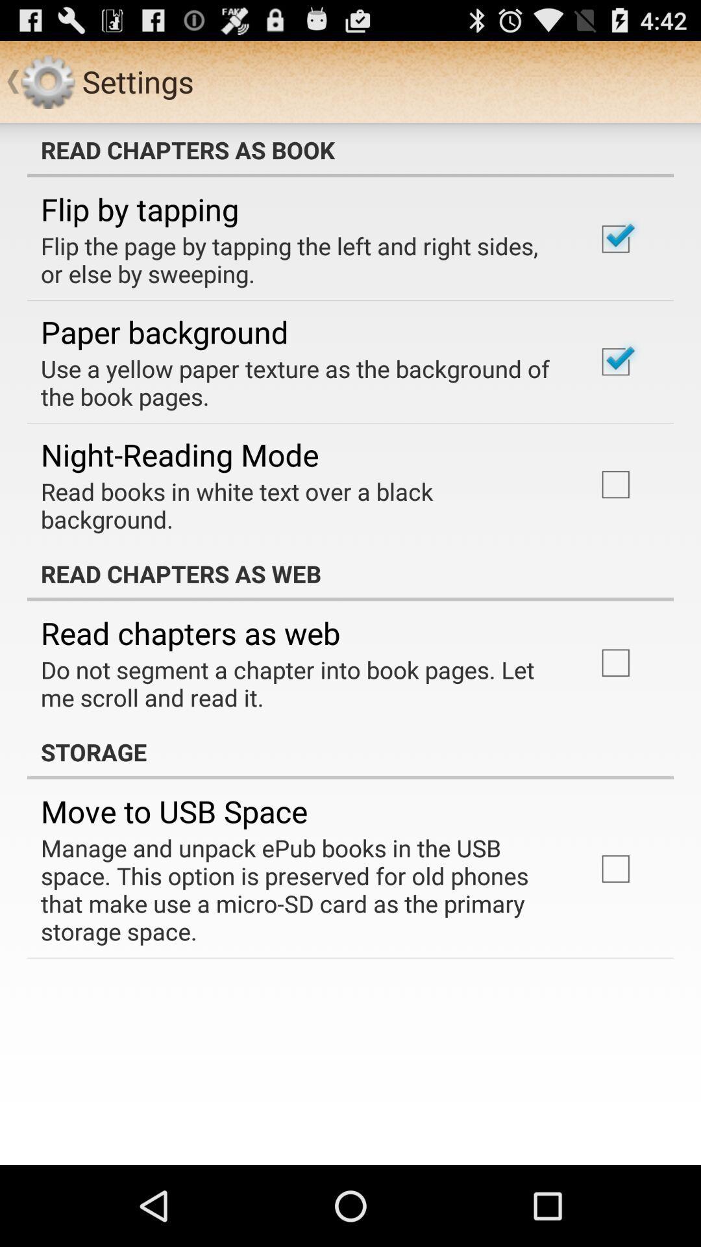 This screenshot has height=1247, width=701. Describe the element at coordinates (173, 811) in the screenshot. I see `the icon above the manage and unpack` at that location.